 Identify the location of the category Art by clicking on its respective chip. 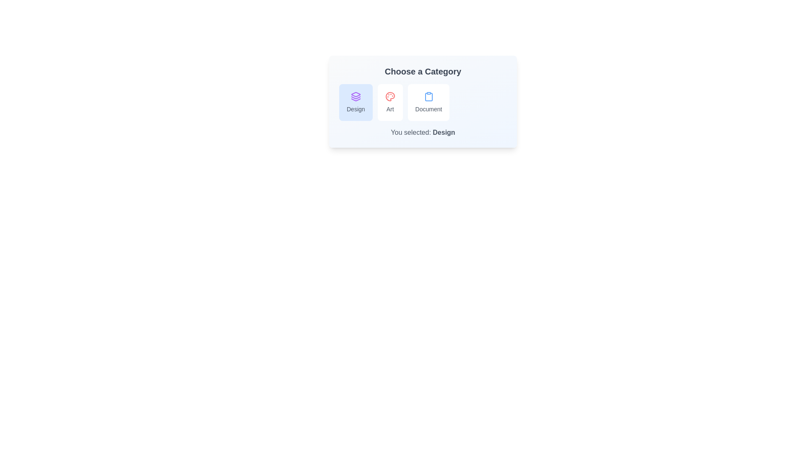
(390, 102).